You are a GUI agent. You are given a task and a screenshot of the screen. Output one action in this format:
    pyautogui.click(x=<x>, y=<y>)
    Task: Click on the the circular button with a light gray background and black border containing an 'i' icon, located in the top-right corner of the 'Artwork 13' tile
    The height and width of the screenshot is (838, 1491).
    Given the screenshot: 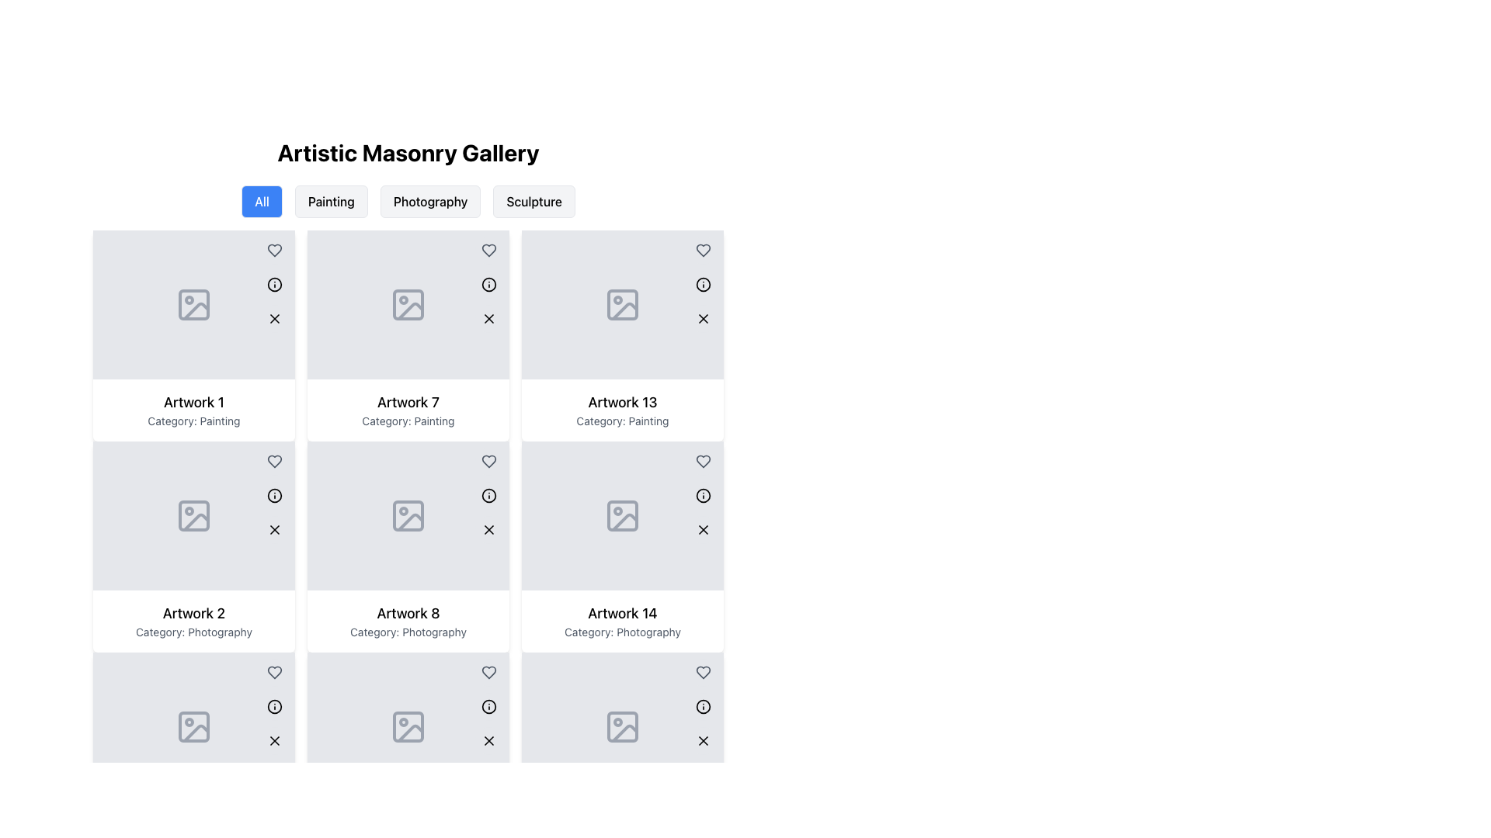 What is the action you would take?
    pyautogui.click(x=703, y=284)
    